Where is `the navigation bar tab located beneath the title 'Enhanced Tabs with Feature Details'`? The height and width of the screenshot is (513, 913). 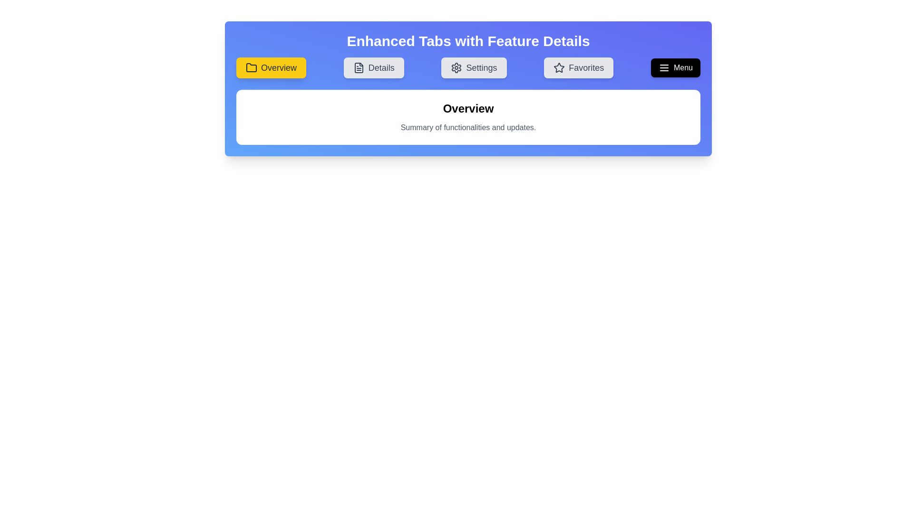 the navigation bar tab located beneath the title 'Enhanced Tabs with Feature Details' is located at coordinates (468, 67).